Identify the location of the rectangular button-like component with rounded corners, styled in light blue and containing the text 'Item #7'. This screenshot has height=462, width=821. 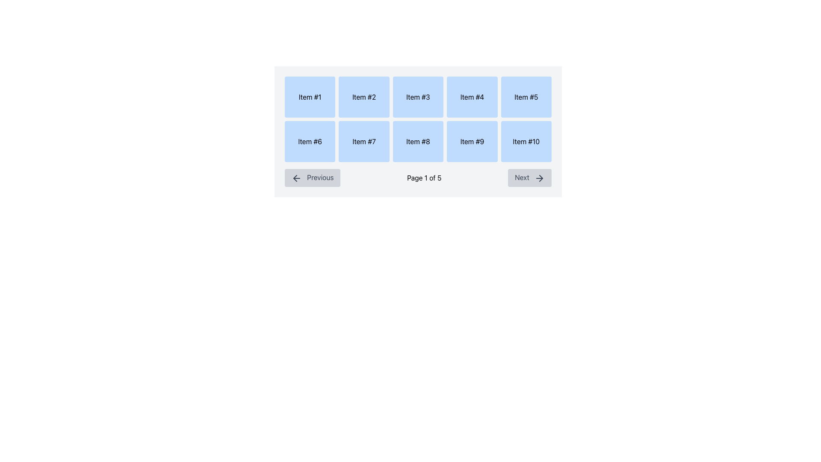
(364, 141).